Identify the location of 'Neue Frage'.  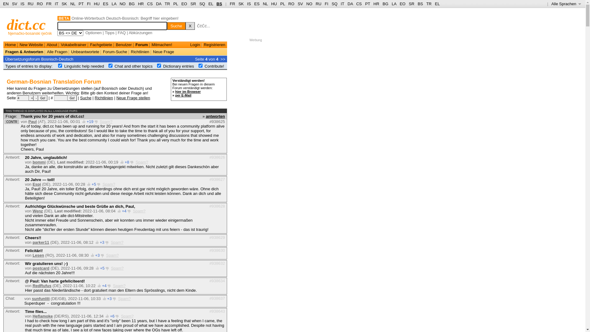
(153, 51).